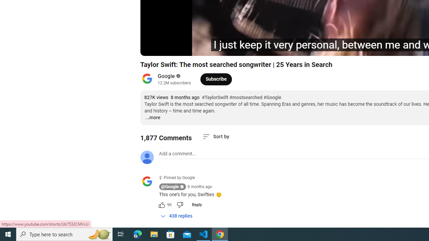  I want to click on 'Sort comments', so click(216, 136).